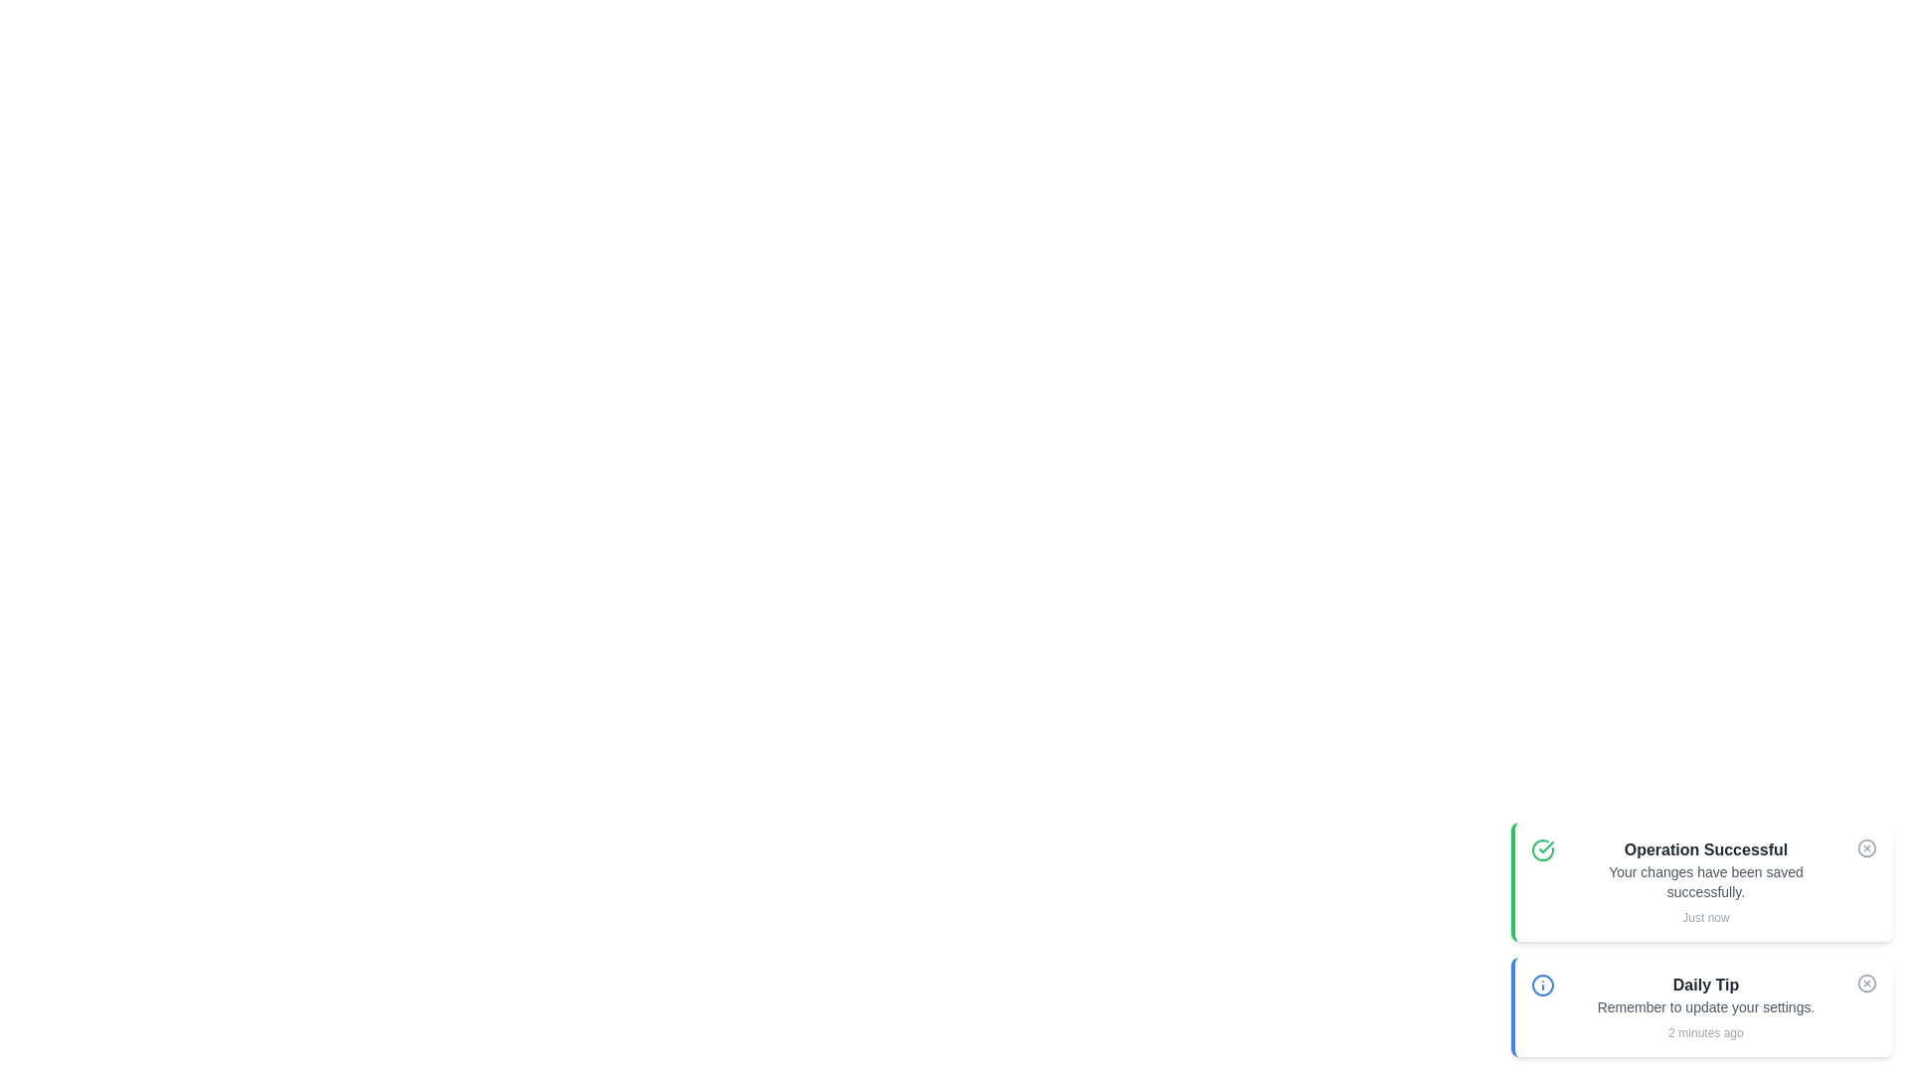  What do you see at coordinates (1865, 847) in the screenshot?
I see `the circular outline in the top-right corner of the notification card's icon` at bounding box center [1865, 847].